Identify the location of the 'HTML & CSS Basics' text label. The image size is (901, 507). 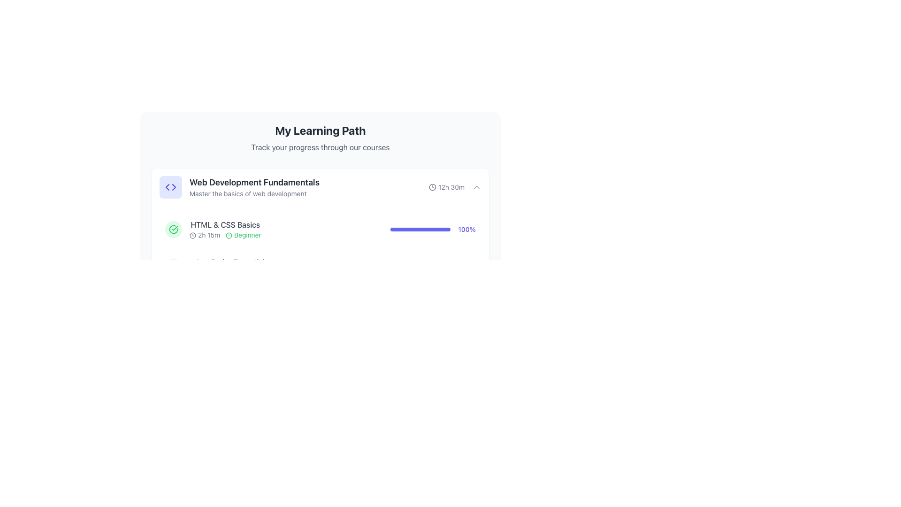
(225, 224).